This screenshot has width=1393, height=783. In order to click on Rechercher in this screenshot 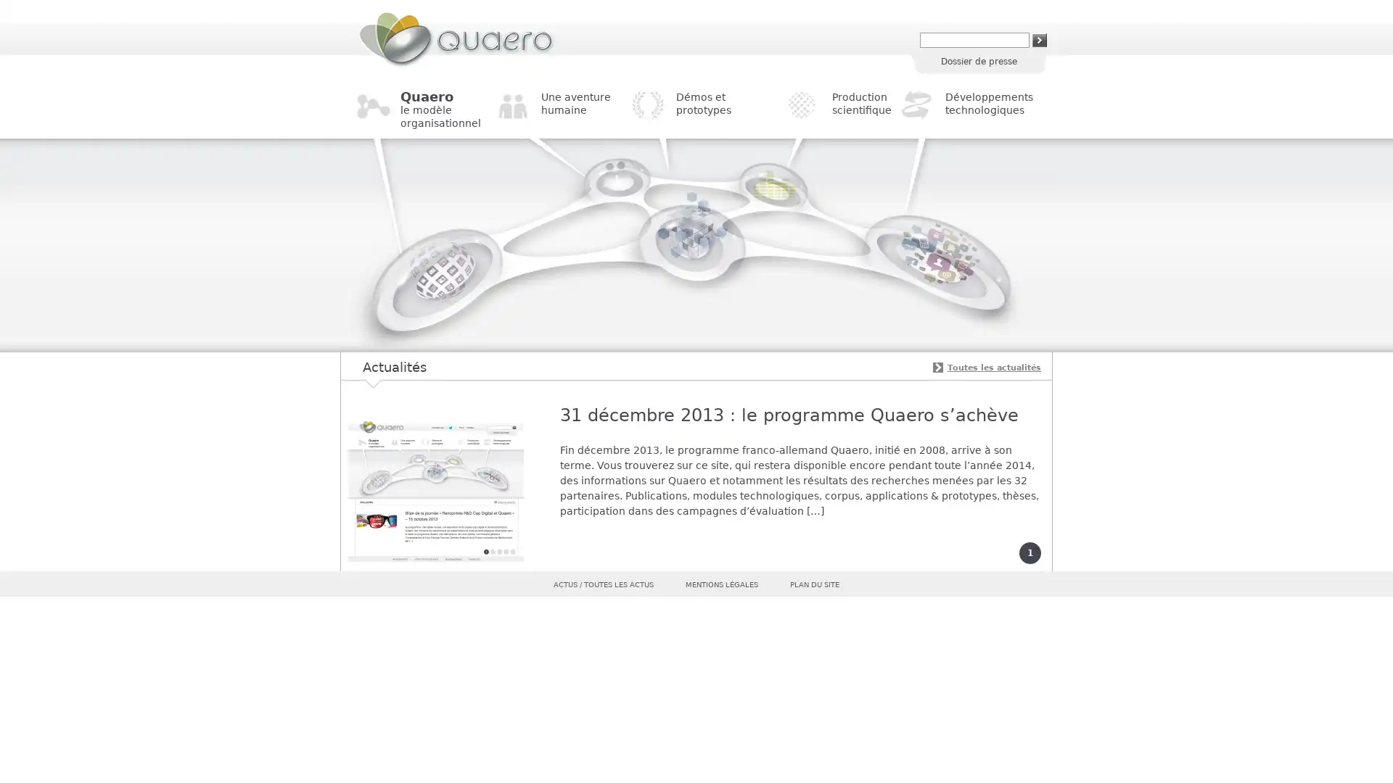, I will do `click(1039, 39)`.